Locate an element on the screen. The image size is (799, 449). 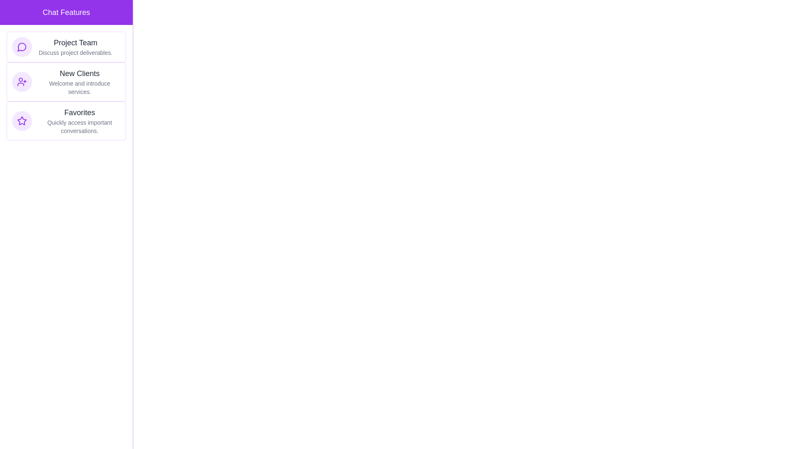
the icon for New Clients is located at coordinates (22, 81).